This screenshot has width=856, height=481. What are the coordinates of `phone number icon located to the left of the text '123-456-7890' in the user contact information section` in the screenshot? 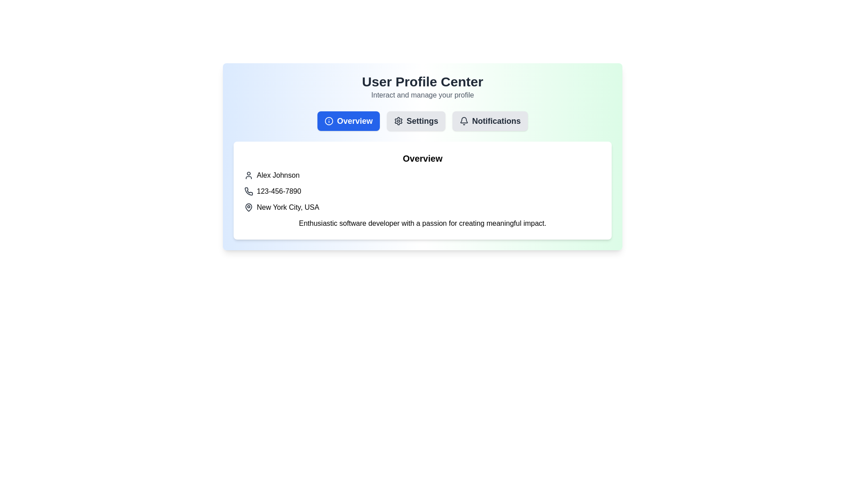 It's located at (249, 191).